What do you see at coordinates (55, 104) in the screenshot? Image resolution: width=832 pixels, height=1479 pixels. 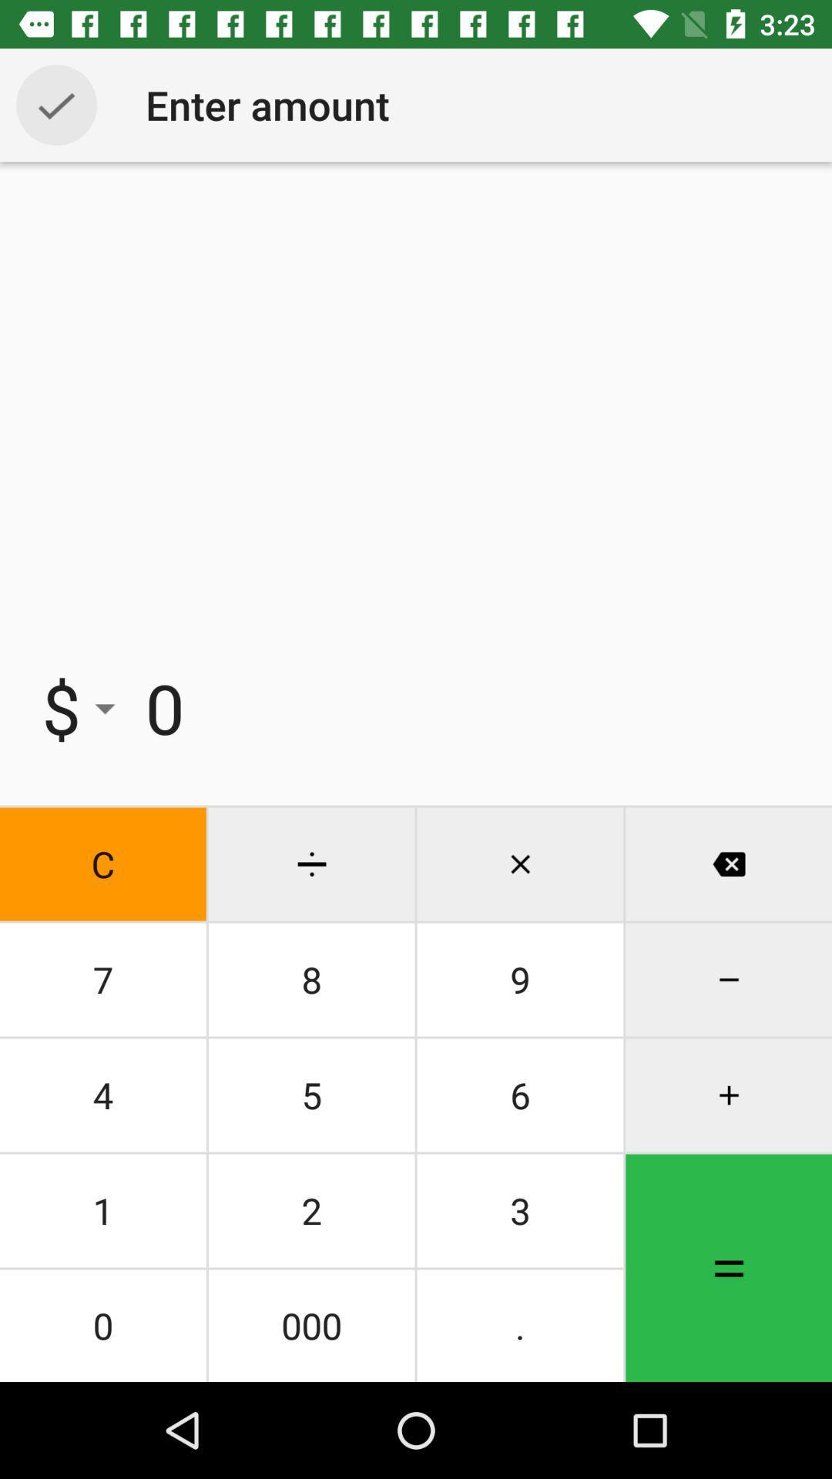 I see `the item above $ icon` at bounding box center [55, 104].